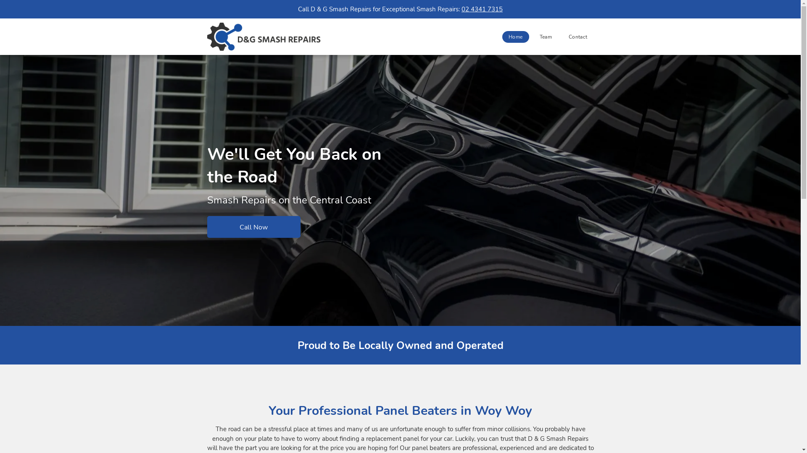 Image resolution: width=807 pixels, height=453 pixels. What do you see at coordinates (482, 9) in the screenshot?
I see `'02 4341 7315'` at bounding box center [482, 9].